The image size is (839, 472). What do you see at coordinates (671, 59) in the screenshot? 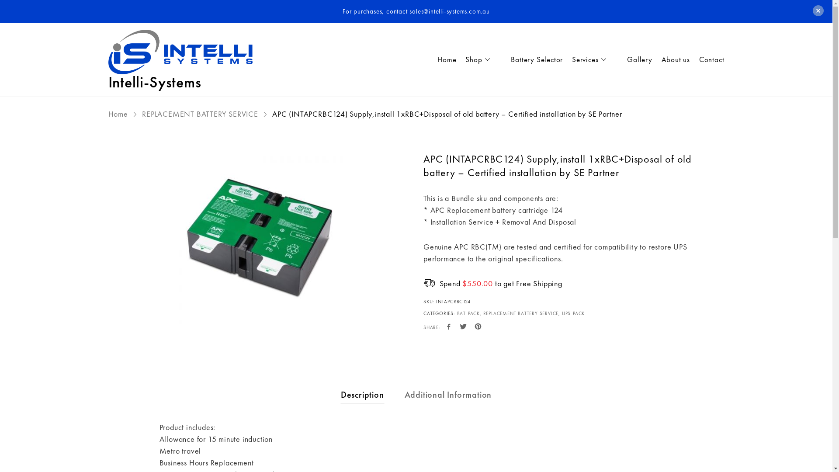
I see `'About us'` at bounding box center [671, 59].